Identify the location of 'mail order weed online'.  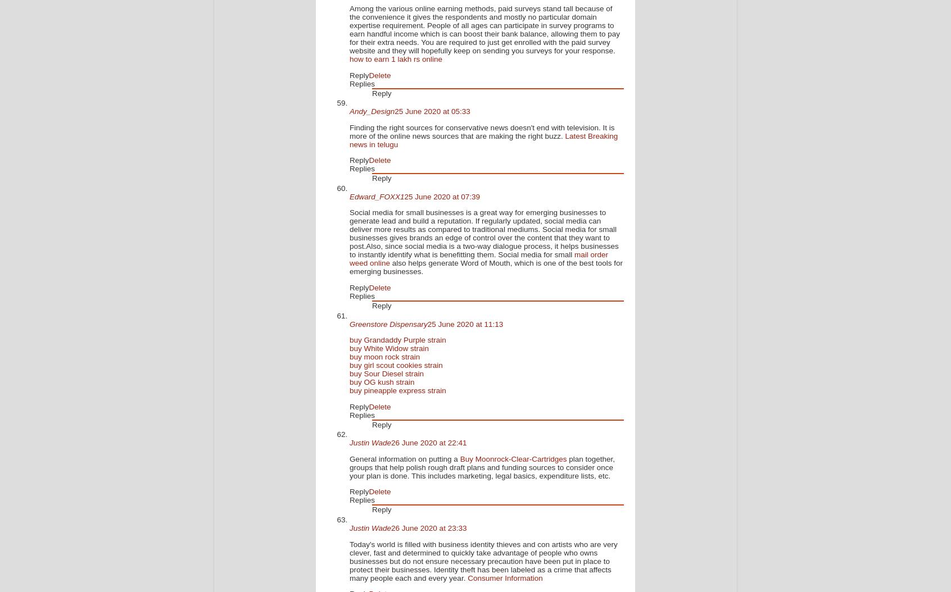
(348, 259).